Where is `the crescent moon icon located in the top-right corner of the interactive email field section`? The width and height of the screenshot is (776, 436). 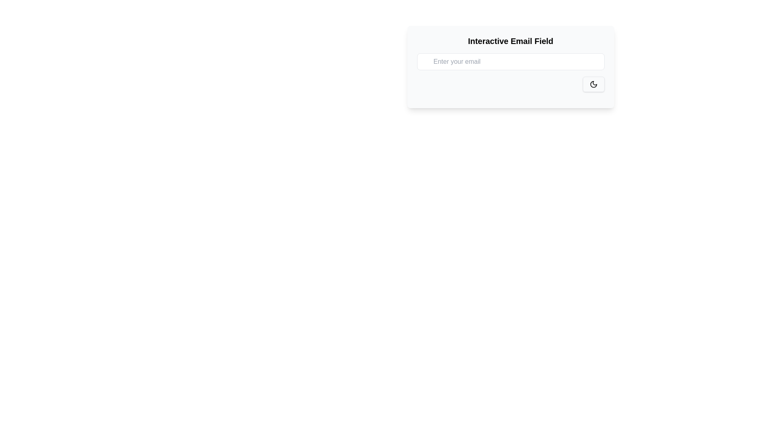 the crescent moon icon located in the top-right corner of the interactive email field section is located at coordinates (593, 84).